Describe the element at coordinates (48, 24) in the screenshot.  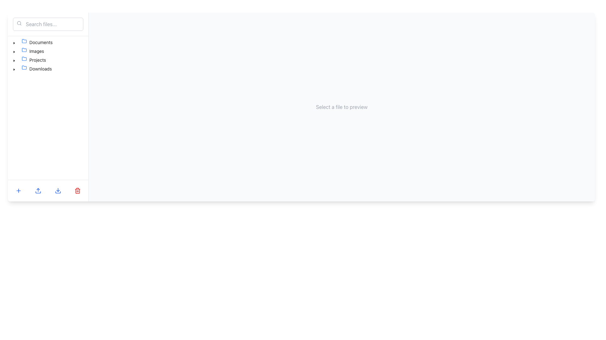
I see `the search input field located in the top left section of the interface to focus on it` at that location.